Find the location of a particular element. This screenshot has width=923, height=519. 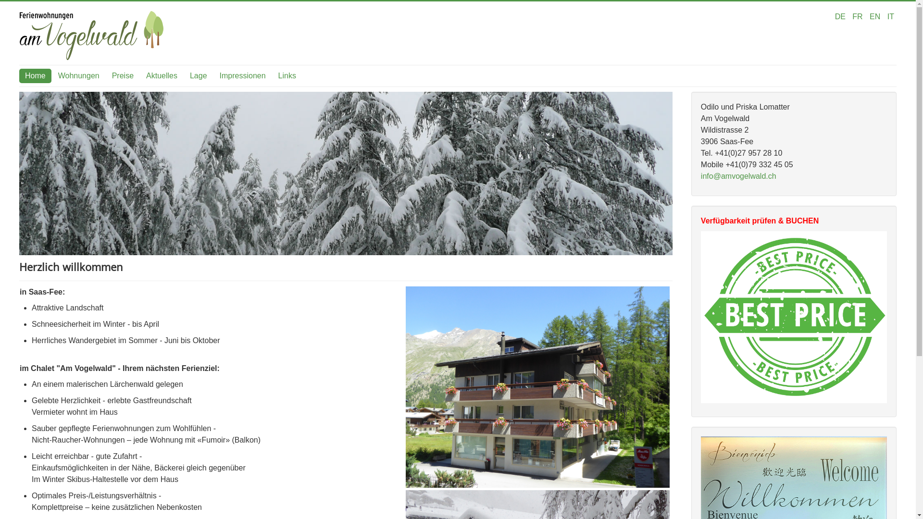

'Links' is located at coordinates (287, 75).